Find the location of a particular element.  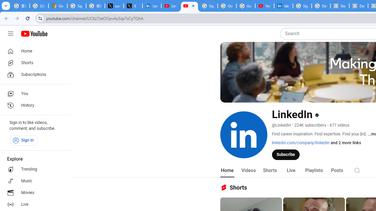

'Data Privacy Framework' is located at coordinates (340, 6).